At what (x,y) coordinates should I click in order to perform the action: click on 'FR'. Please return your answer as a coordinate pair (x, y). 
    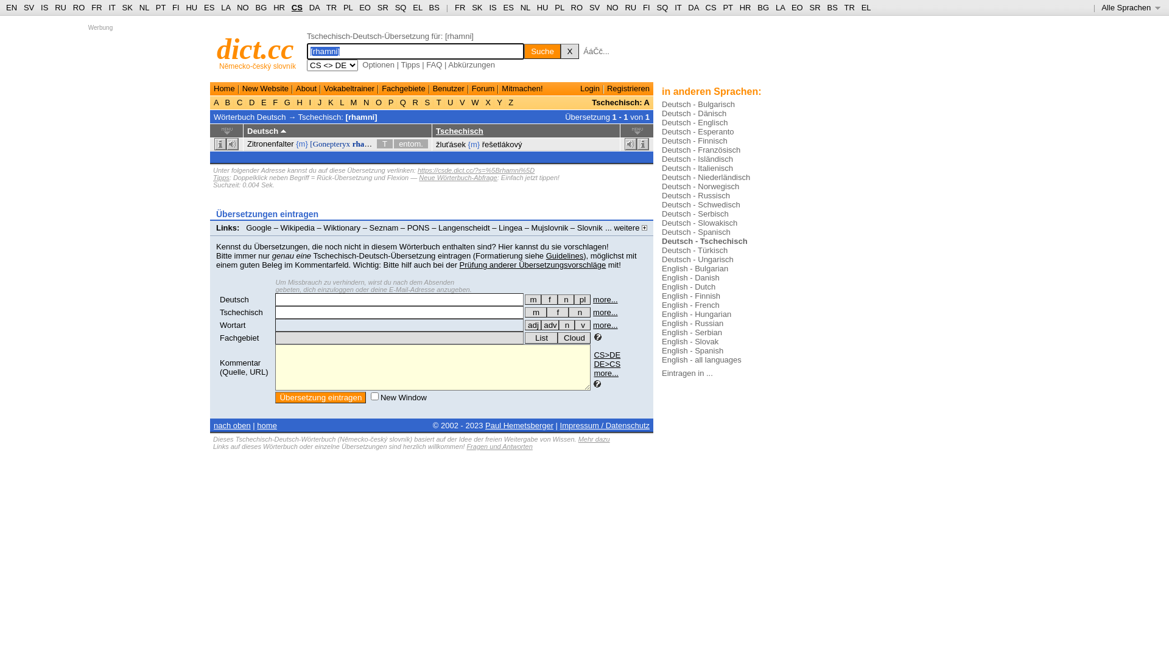
    Looking at the image, I should click on (96, 7).